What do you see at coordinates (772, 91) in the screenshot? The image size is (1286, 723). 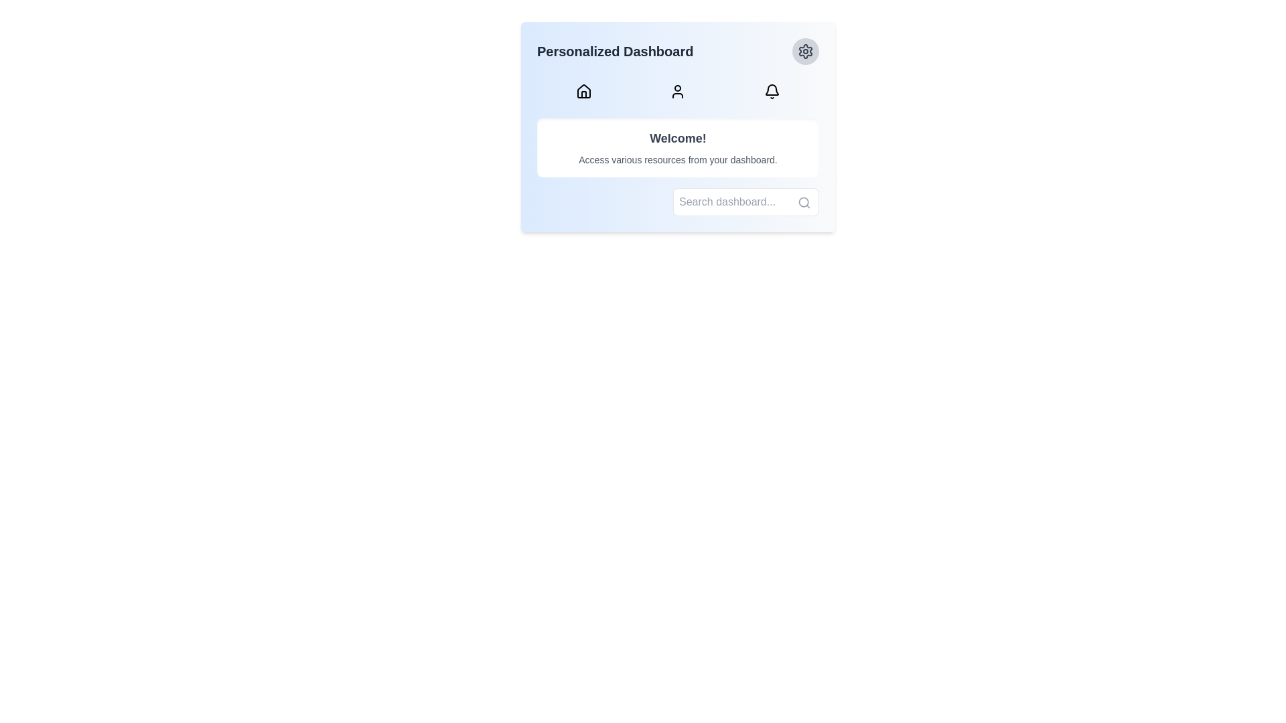 I see `the notification bell icon, which is the third interactive icon in the group on the 'Personalized Dashboard'` at bounding box center [772, 91].